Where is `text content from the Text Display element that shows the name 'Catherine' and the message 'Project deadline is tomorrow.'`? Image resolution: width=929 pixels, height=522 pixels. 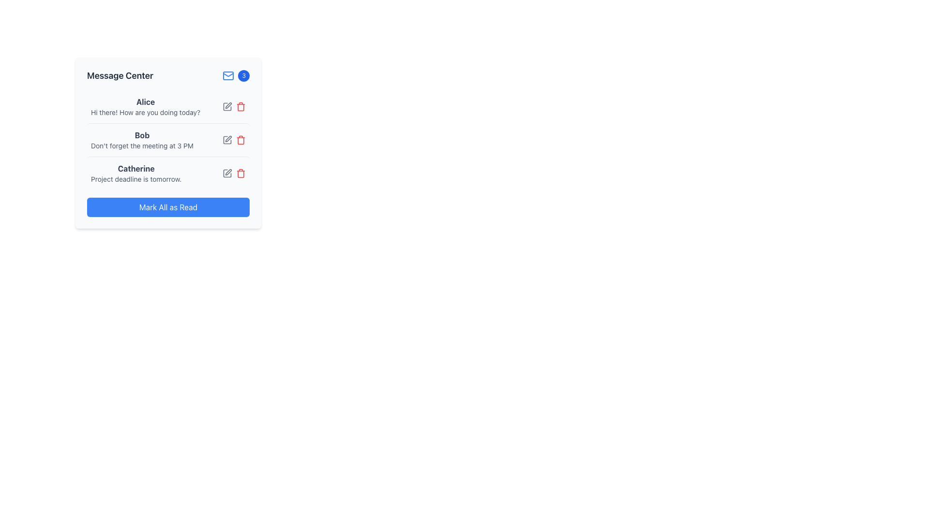
text content from the Text Display element that shows the name 'Catherine' and the message 'Project deadline is tomorrow.' is located at coordinates (135, 173).